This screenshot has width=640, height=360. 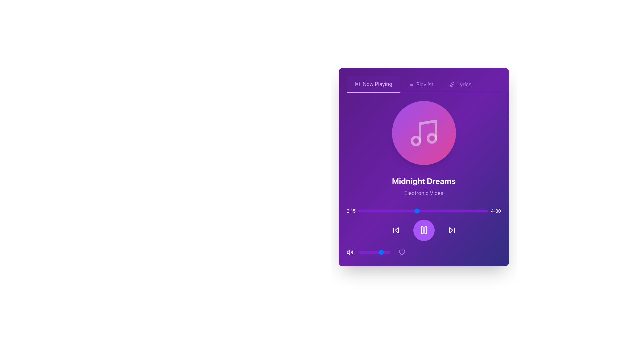 I want to click on the decorative square background element, which is a small hollow square with rounded corners located in the navigation bar, specifically as the background for the 'Now Playing' button, so click(x=357, y=83).